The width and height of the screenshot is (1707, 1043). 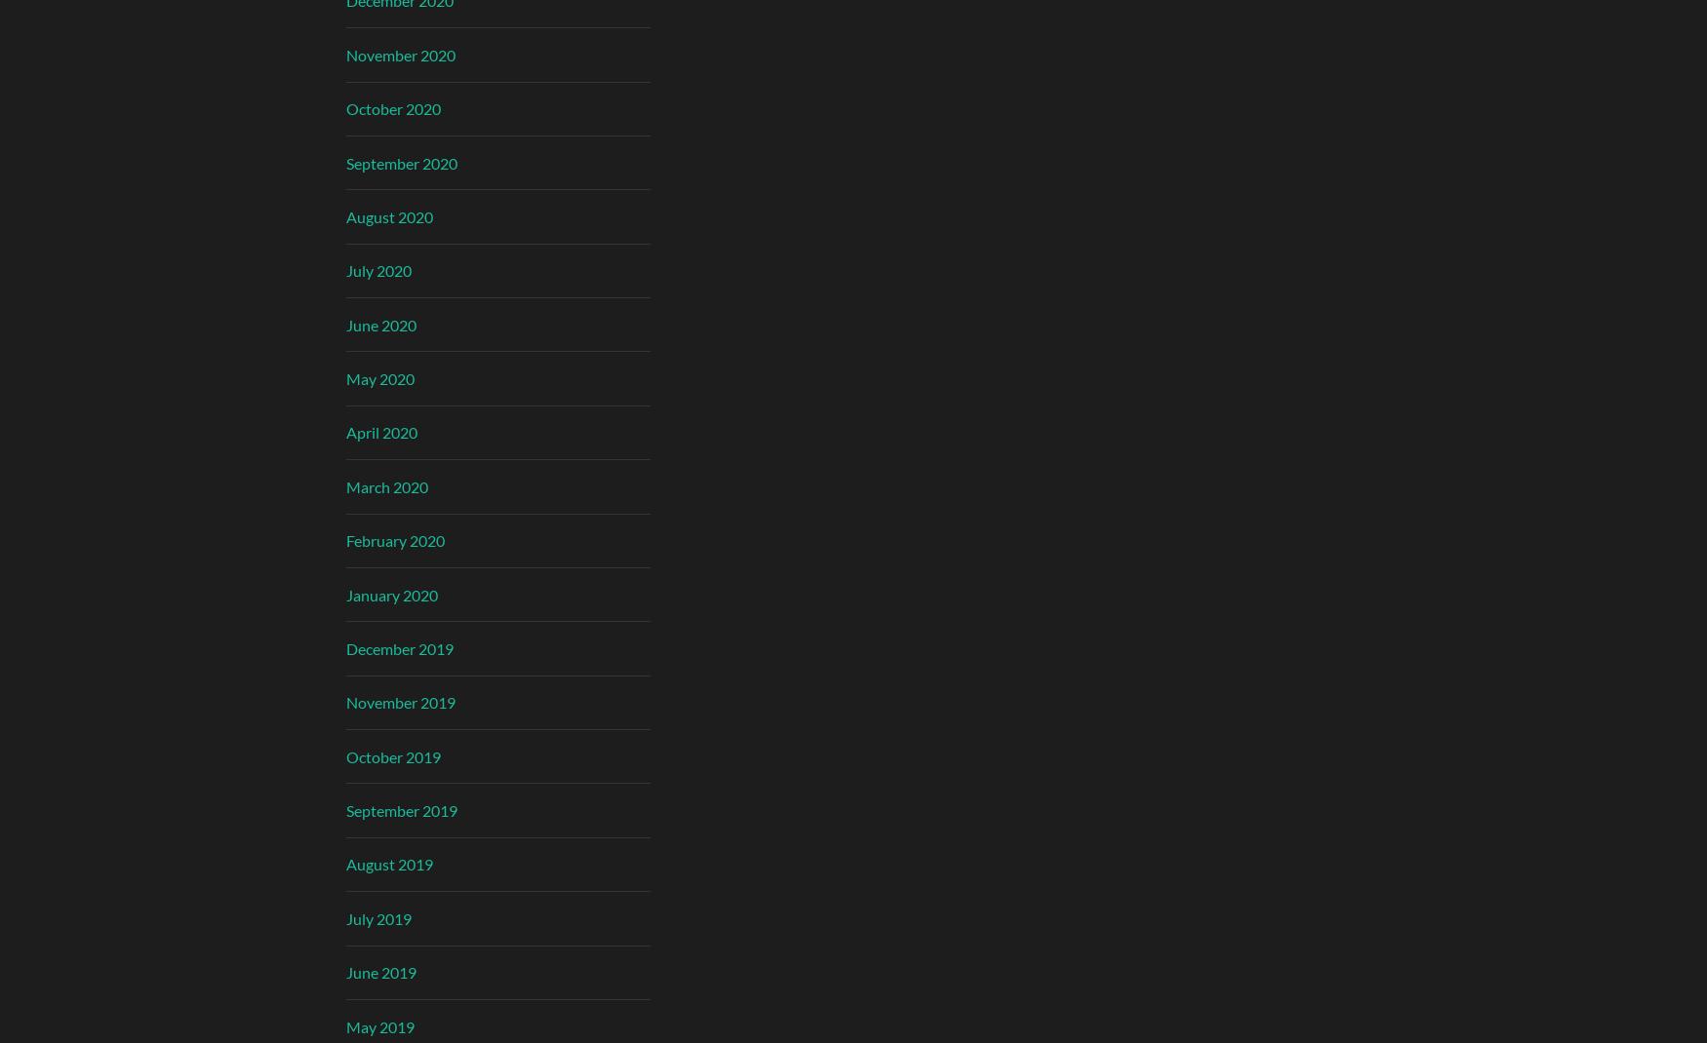 What do you see at coordinates (400, 810) in the screenshot?
I see `'September 2019'` at bounding box center [400, 810].